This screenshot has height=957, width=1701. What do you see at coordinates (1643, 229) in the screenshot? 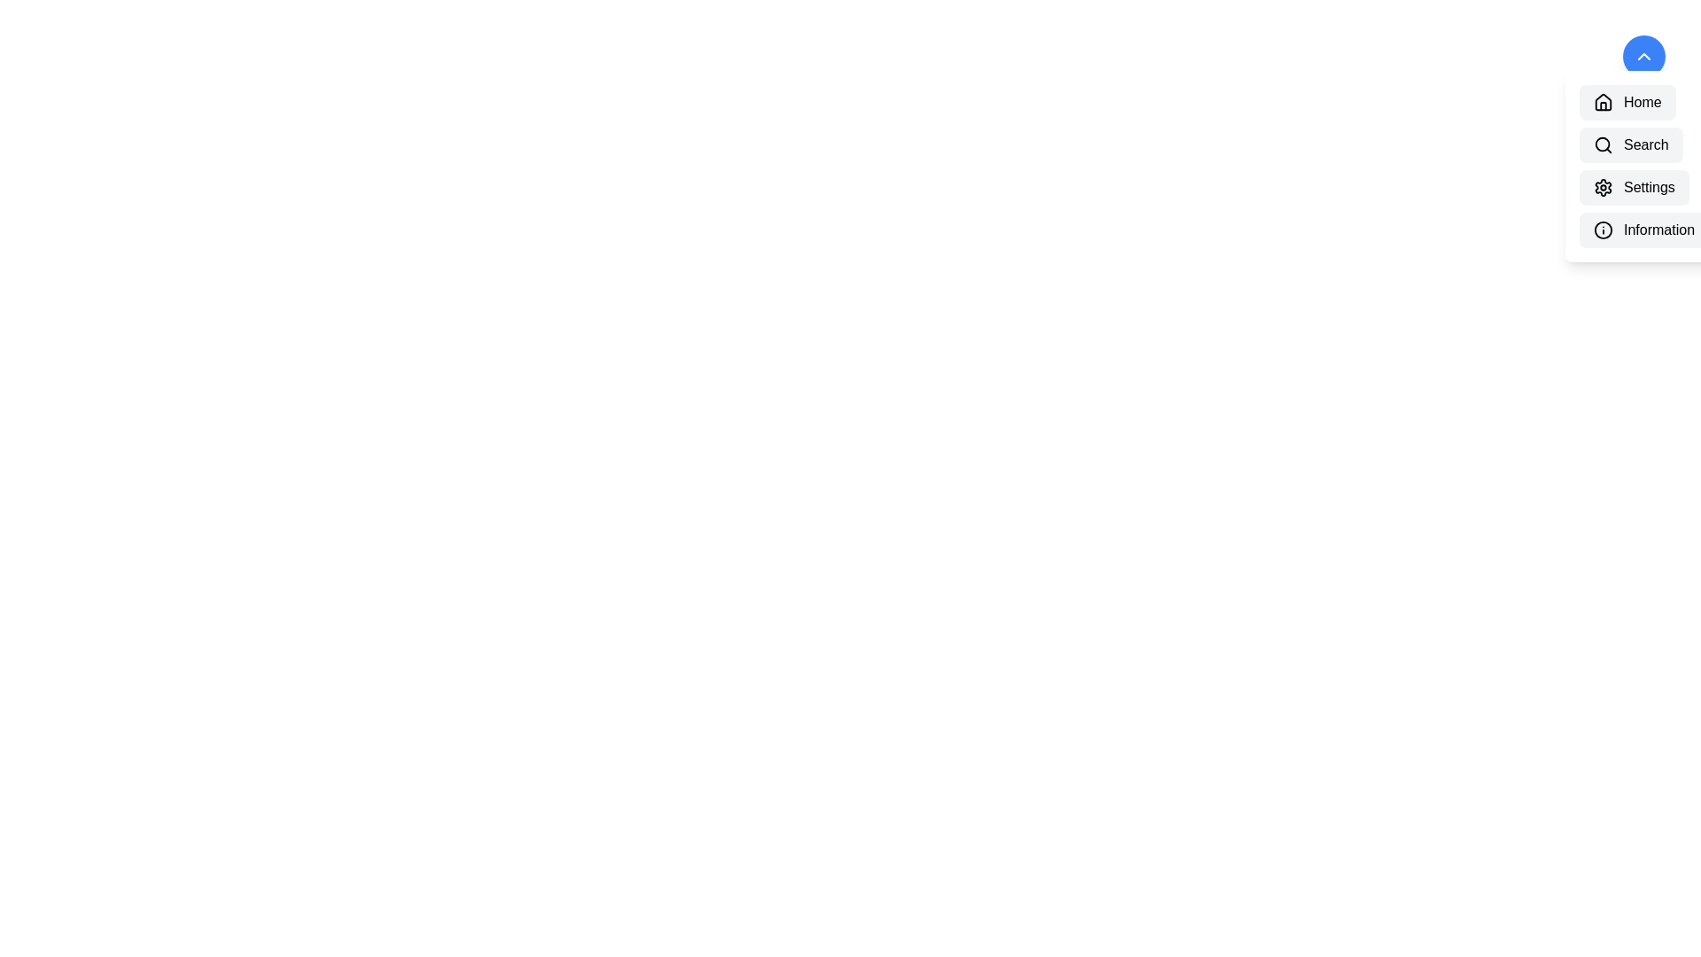
I see `the menu item labeled Information` at bounding box center [1643, 229].